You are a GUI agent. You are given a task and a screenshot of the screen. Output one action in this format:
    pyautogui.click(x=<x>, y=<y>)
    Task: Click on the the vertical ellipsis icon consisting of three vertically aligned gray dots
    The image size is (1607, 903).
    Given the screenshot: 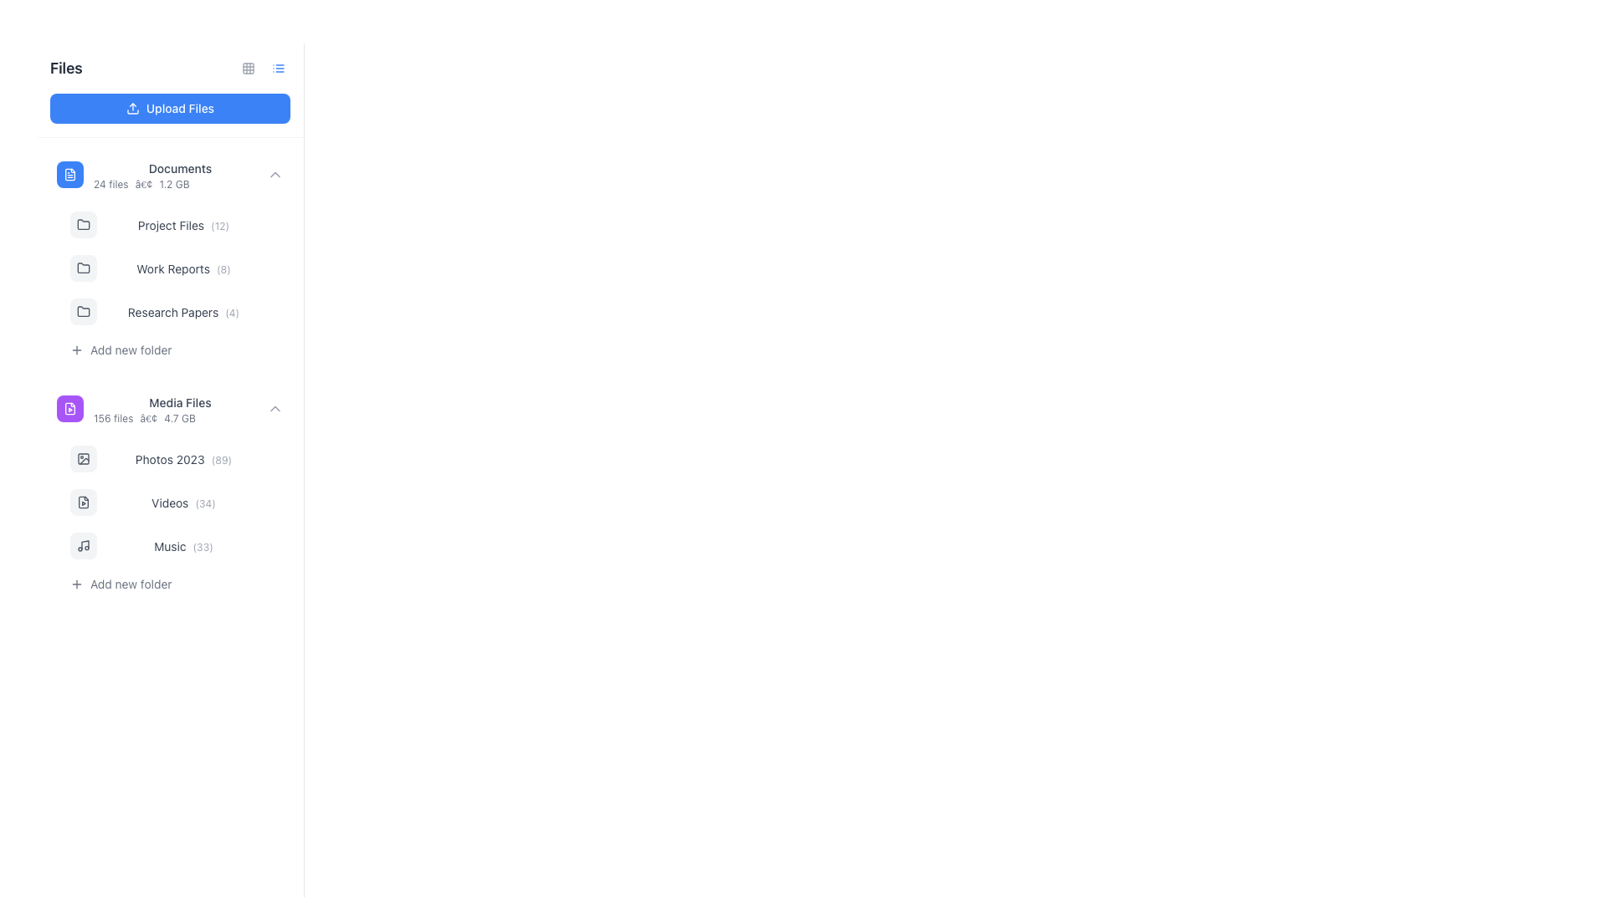 What is the action you would take?
    pyautogui.click(x=272, y=545)
    